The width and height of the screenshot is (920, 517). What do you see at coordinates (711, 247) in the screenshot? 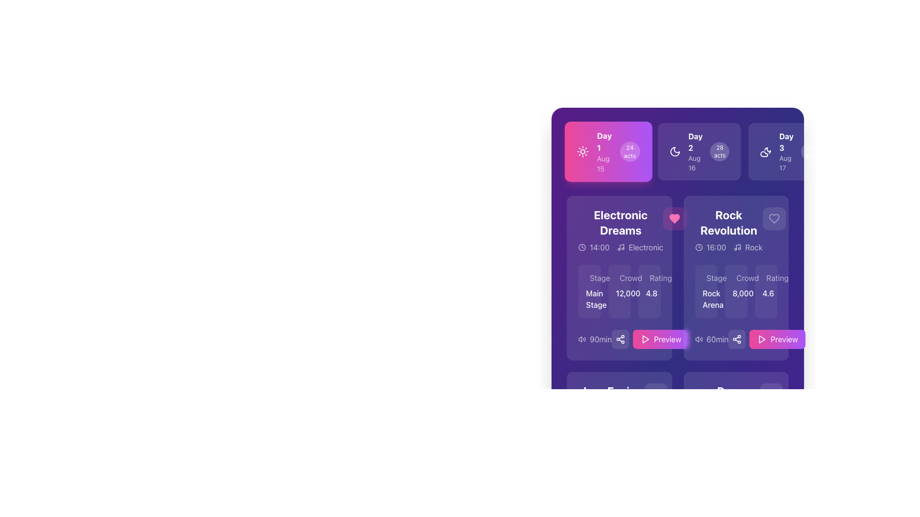
I see `the static label with a clock icon displaying '16:00' located at the top of the 'Rock Revolution' card on the right side of the interface` at bounding box center [711, 247].